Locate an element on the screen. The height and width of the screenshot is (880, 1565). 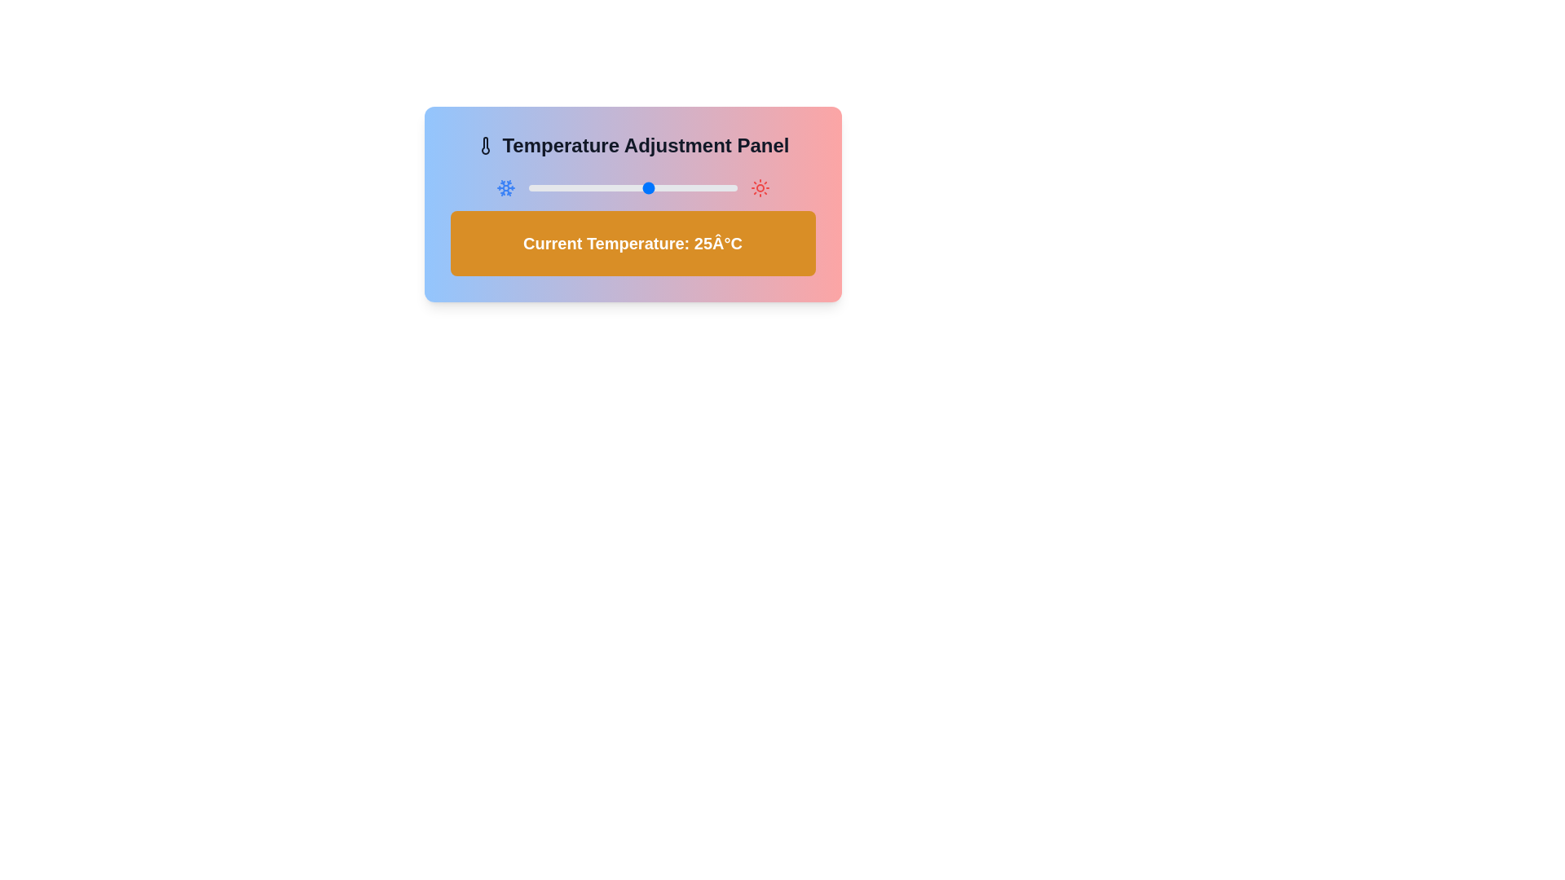
the temperature to 27°C using the slider is located at coordinates (657, 187).